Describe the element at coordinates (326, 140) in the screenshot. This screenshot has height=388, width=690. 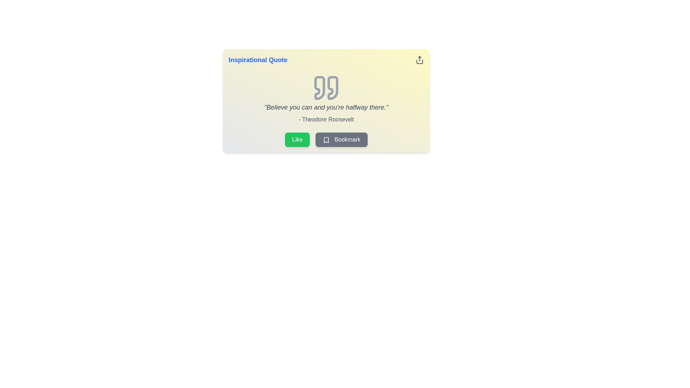
I see `the bookmark icon located inside the 'Bookmark' button at the bottom-right corner of the card` at that location.